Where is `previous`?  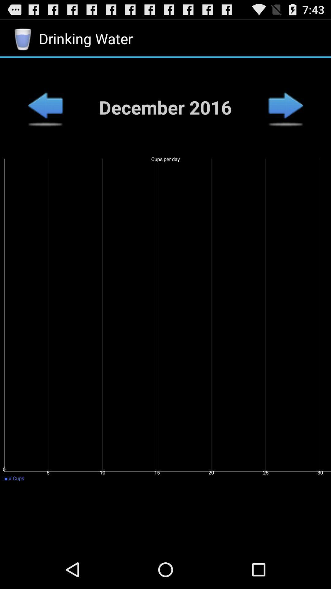
previous is located at coordinates (285, 107).